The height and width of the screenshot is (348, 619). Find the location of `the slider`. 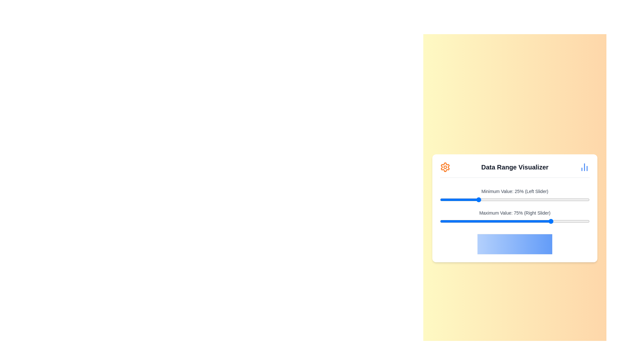

the slider is located at coordinates (448, 221).